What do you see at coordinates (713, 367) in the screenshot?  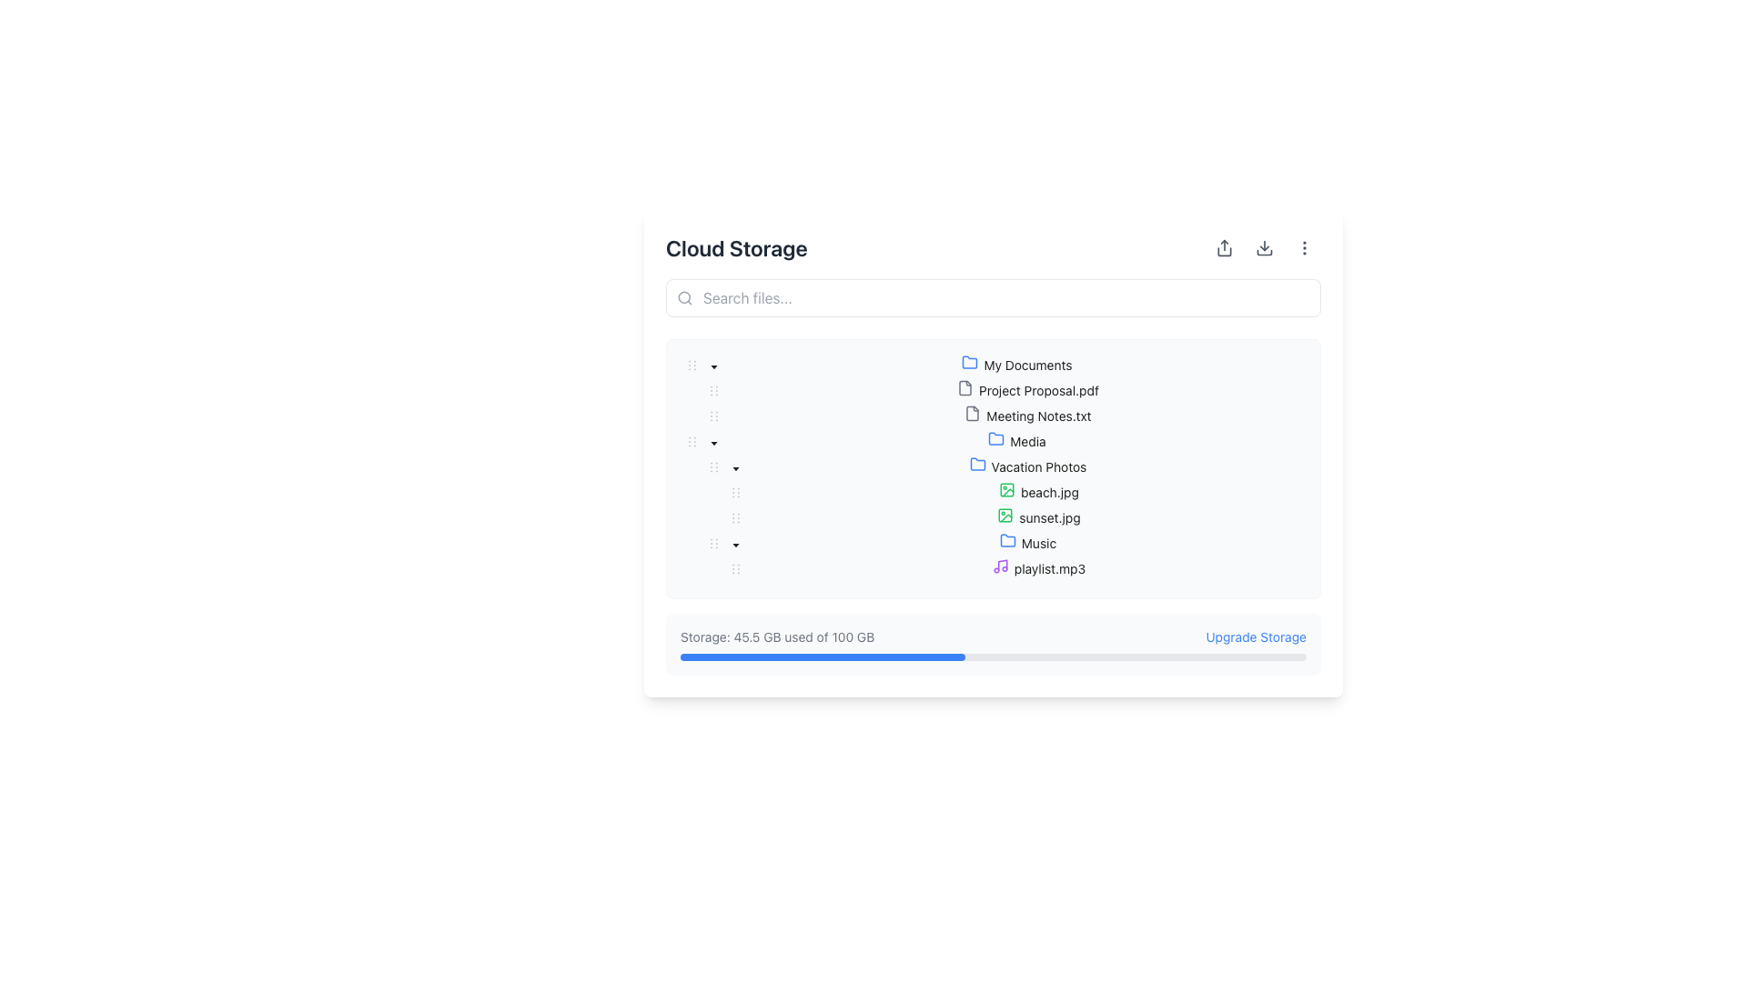 I see `the toggle icon for the 'Vacation Photos' category` at bounding box center [713, 367].